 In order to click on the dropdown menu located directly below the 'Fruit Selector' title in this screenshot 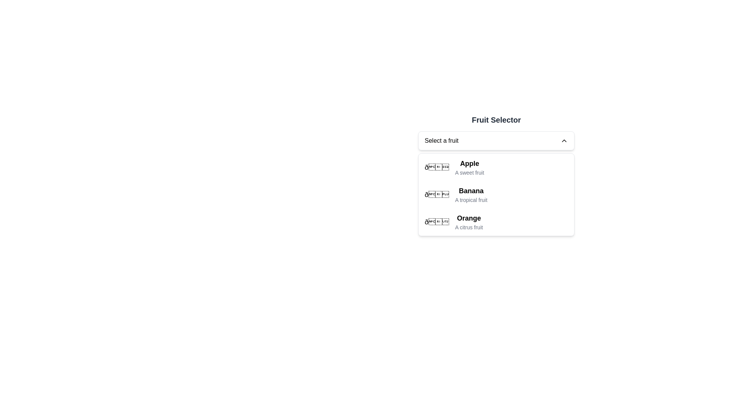, I will do `click(496, 140)`.